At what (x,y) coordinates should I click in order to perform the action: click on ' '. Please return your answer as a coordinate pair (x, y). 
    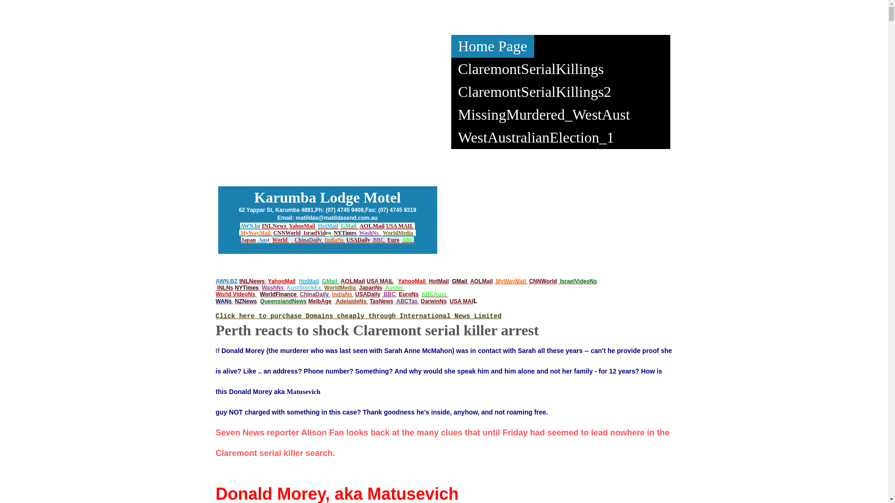
    Looking at the image, I should click on (255, 294).